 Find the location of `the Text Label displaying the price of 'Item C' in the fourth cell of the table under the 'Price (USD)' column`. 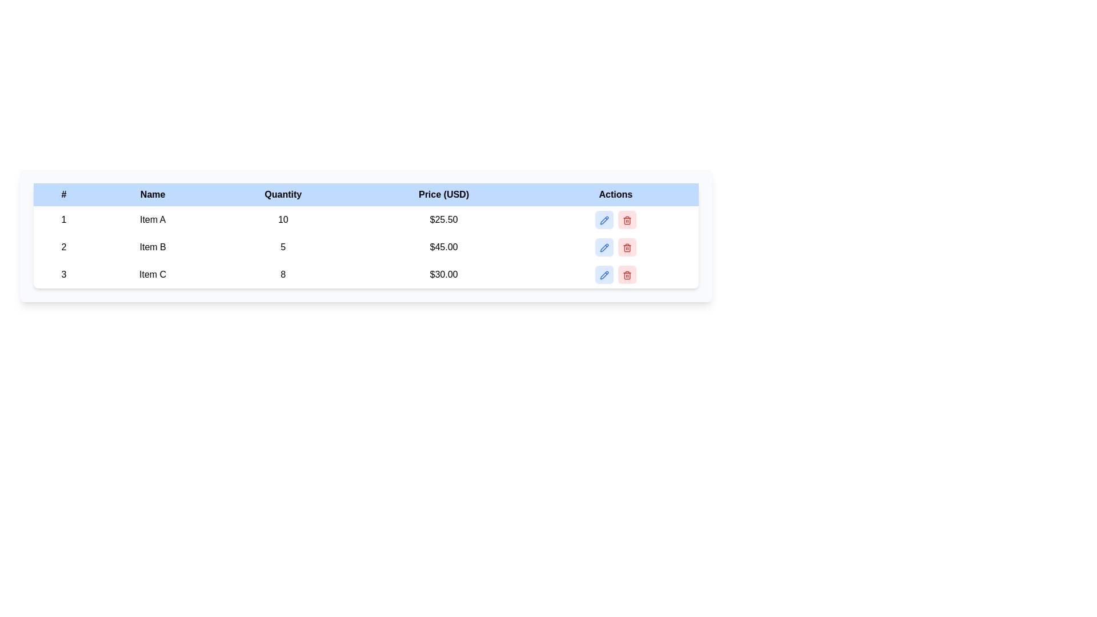

the Text Label displaying the price of 'Item C' in the fourth cell of the table under the 'Price (USD)' column is located at coordinates (443, 275).